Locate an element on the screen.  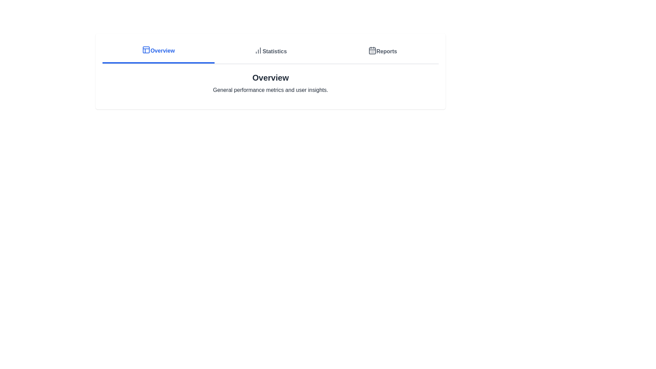
the 'Statistics' navigation tab, which is the second tab among three is located at coordinates (270, 51).